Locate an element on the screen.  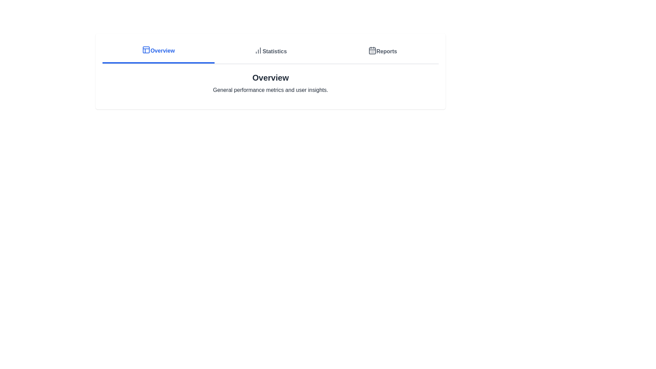
the 'Statistics' navigation tab, which is the second tab among three is located at coordinates (270, 51).